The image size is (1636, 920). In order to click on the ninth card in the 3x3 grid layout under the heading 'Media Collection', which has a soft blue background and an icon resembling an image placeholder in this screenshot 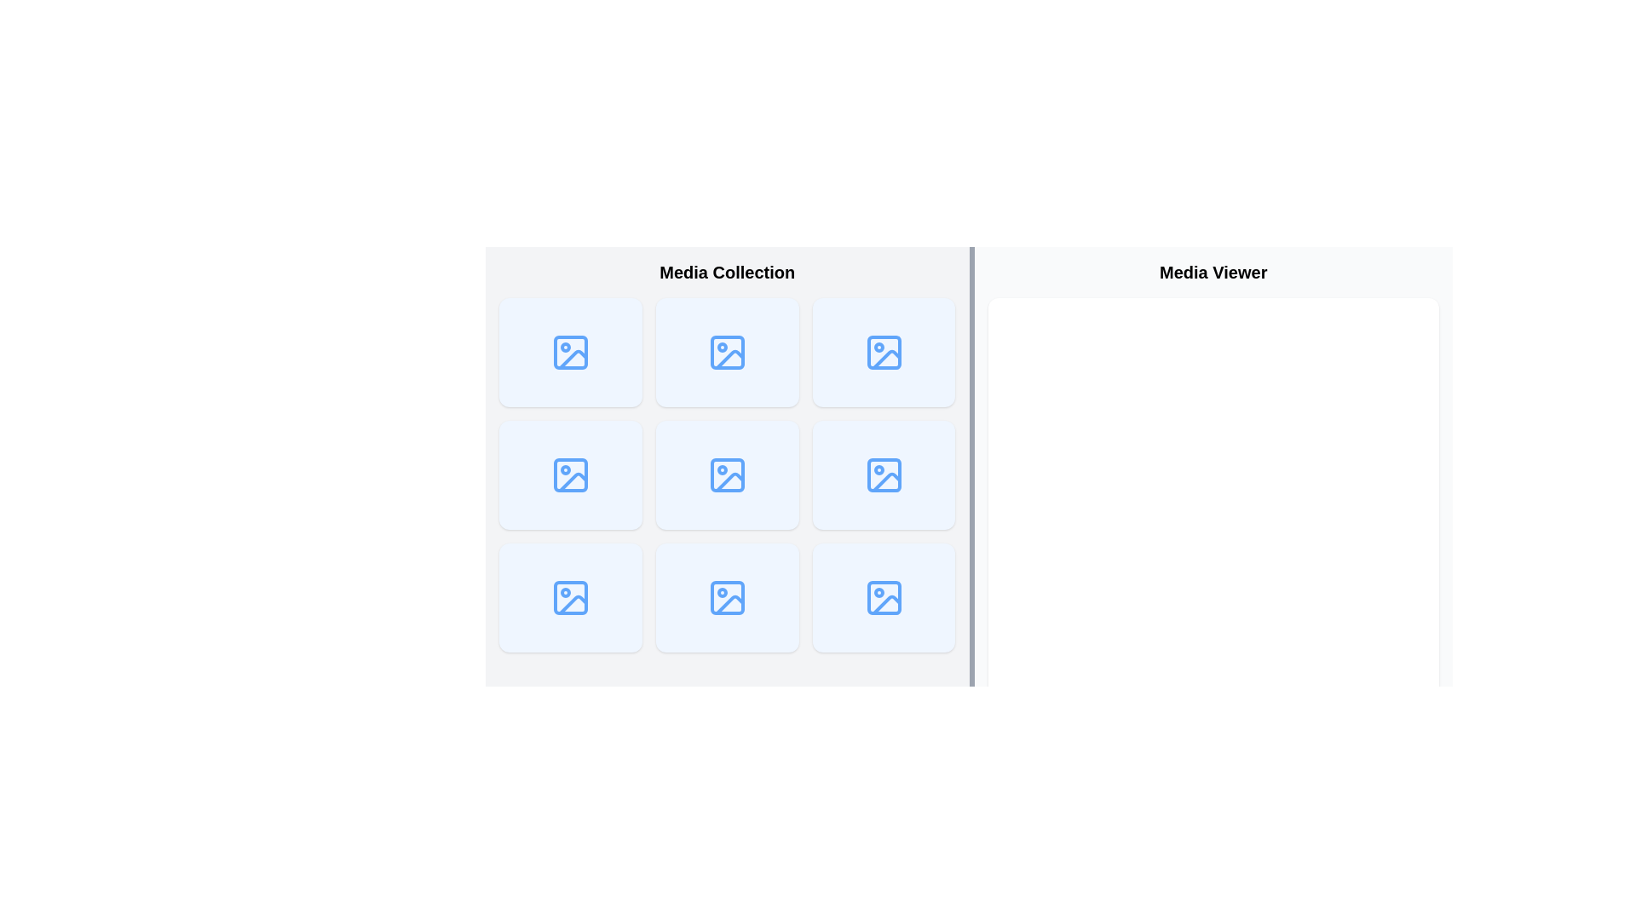, I will do `click(884, 351)`.